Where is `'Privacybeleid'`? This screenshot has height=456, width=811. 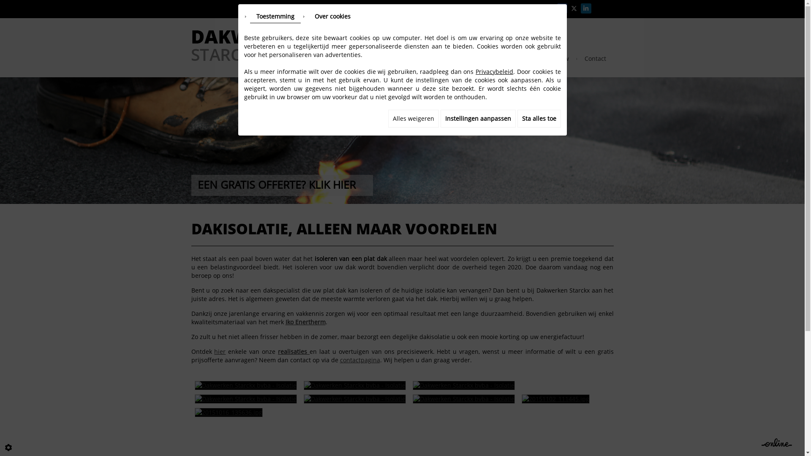
'Privacybeleid' is located at coordinates (494, 71).